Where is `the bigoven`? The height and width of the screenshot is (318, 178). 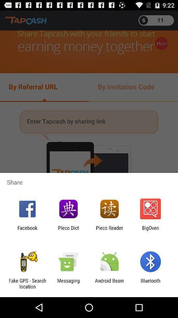 the bigoven is located at coordinates (150, 231).